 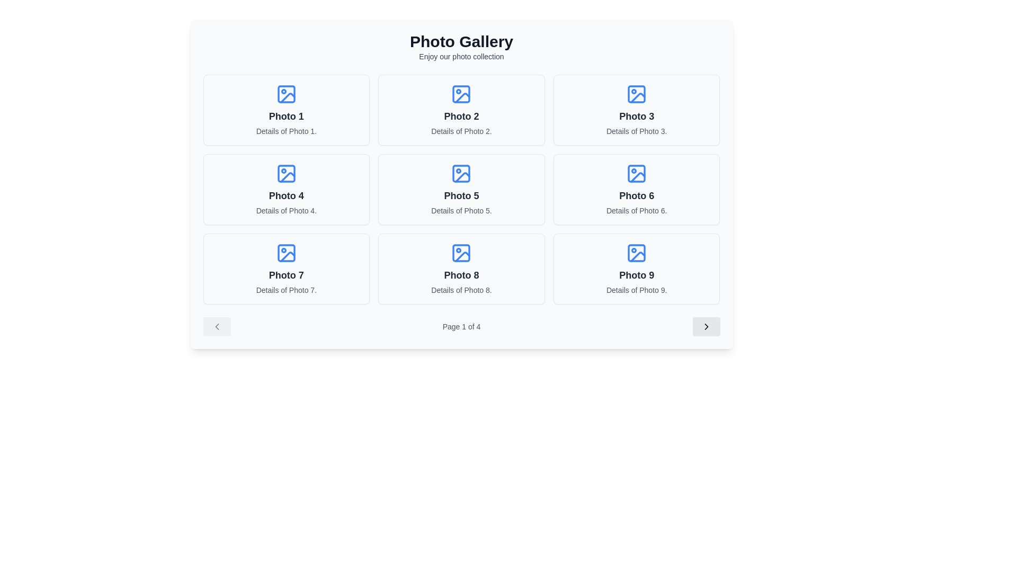 I want to click on the graphical component part of the image icon in the grid cell labeled 'Photo 3', located in the top-right of the photo gallery grid, so click(x=636, y=93).